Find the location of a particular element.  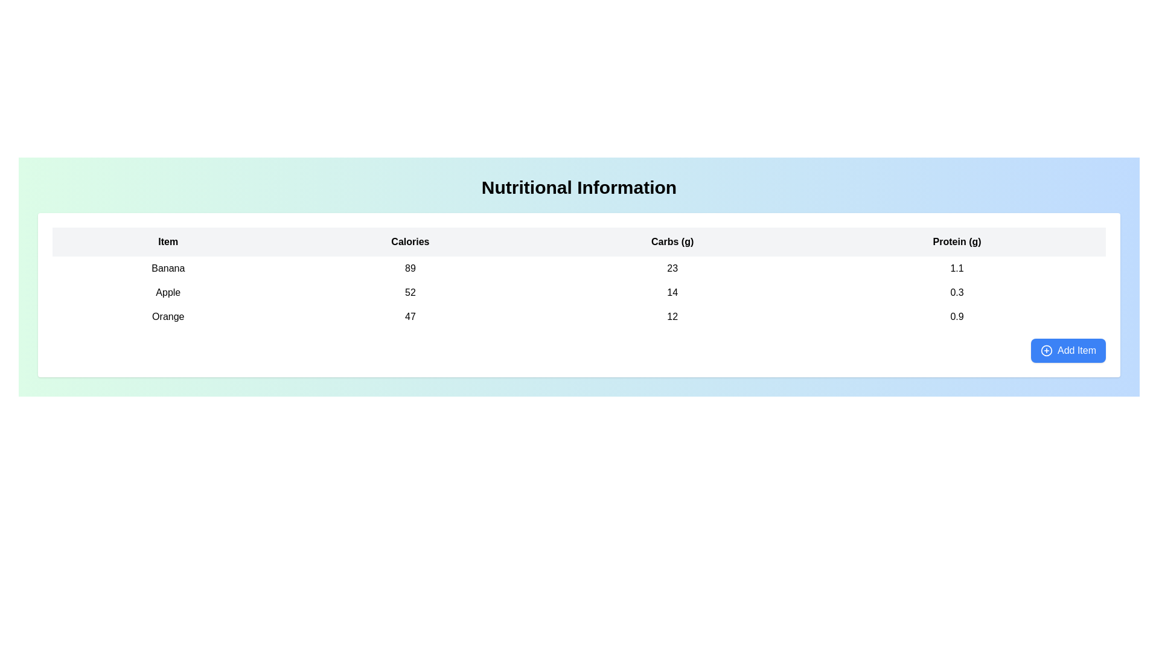

text value '89' displayed in the table cell under the 'Calories' heading for the 'Banana' item is located at coordinates (410, 267).